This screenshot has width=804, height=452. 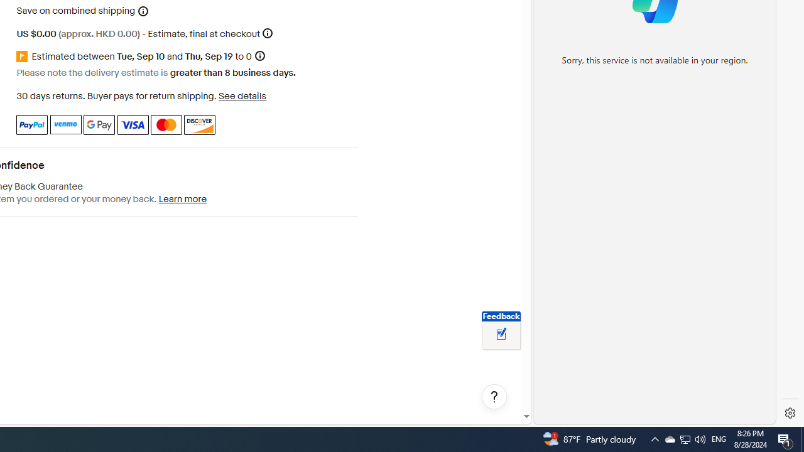 I want to click on 'Settings', so click(x=790, y=413).